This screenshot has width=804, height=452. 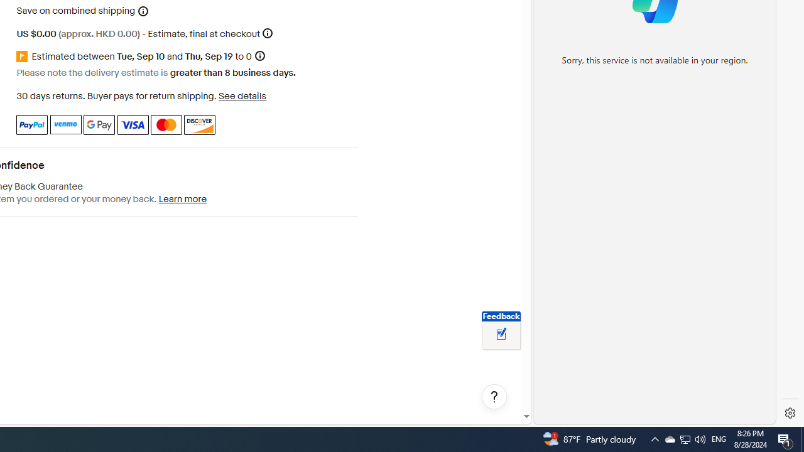 I want to click on 'Settings', so click(x=790, y=413).